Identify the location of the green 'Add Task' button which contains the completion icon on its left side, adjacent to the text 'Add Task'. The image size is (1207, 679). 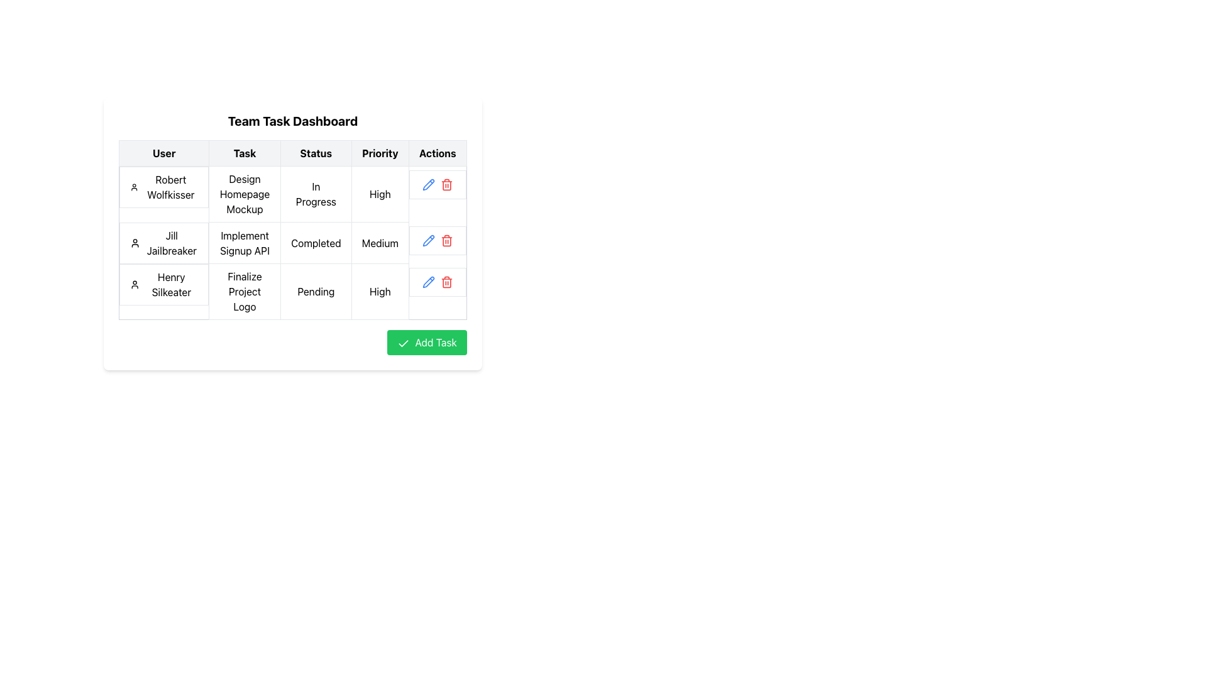
(404, 343).